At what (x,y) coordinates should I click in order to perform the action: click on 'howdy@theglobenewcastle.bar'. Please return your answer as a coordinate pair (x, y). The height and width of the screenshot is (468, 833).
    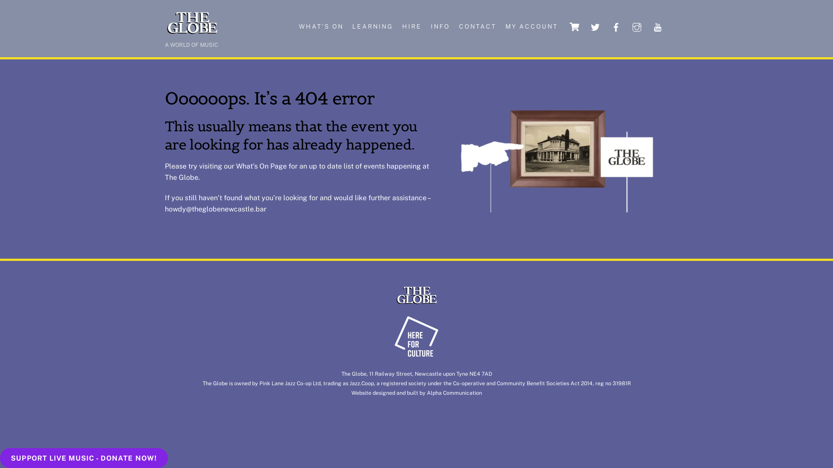
    Looking at the image, I should click on (216, 209).